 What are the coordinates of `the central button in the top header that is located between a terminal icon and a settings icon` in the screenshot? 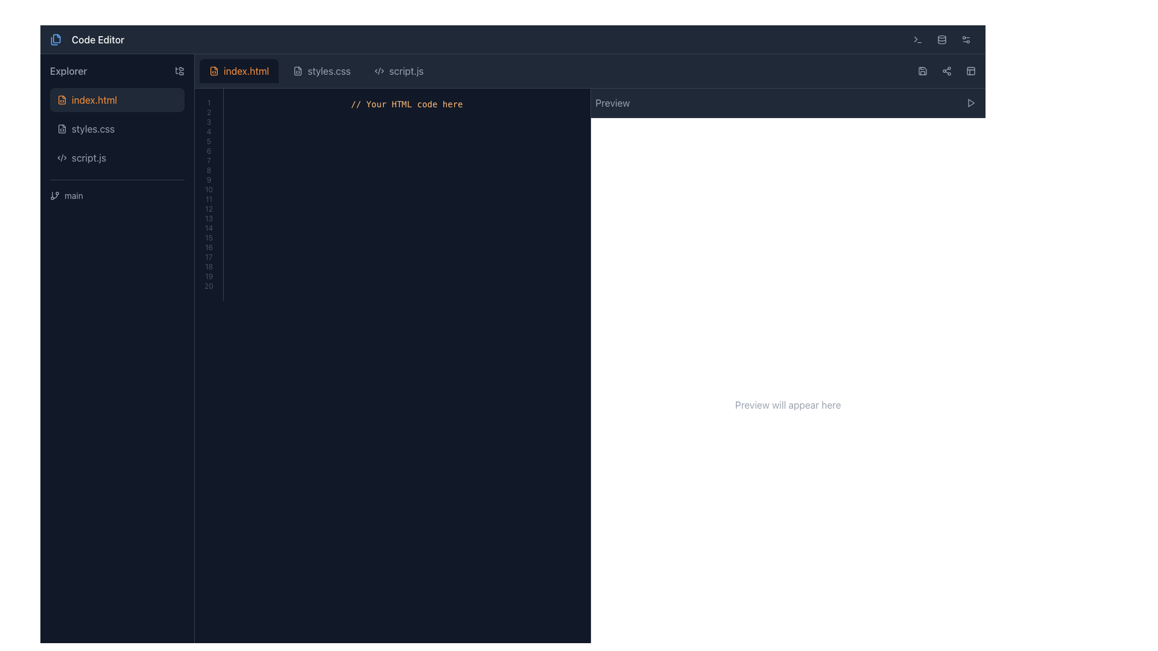 It's located at (941, 39).